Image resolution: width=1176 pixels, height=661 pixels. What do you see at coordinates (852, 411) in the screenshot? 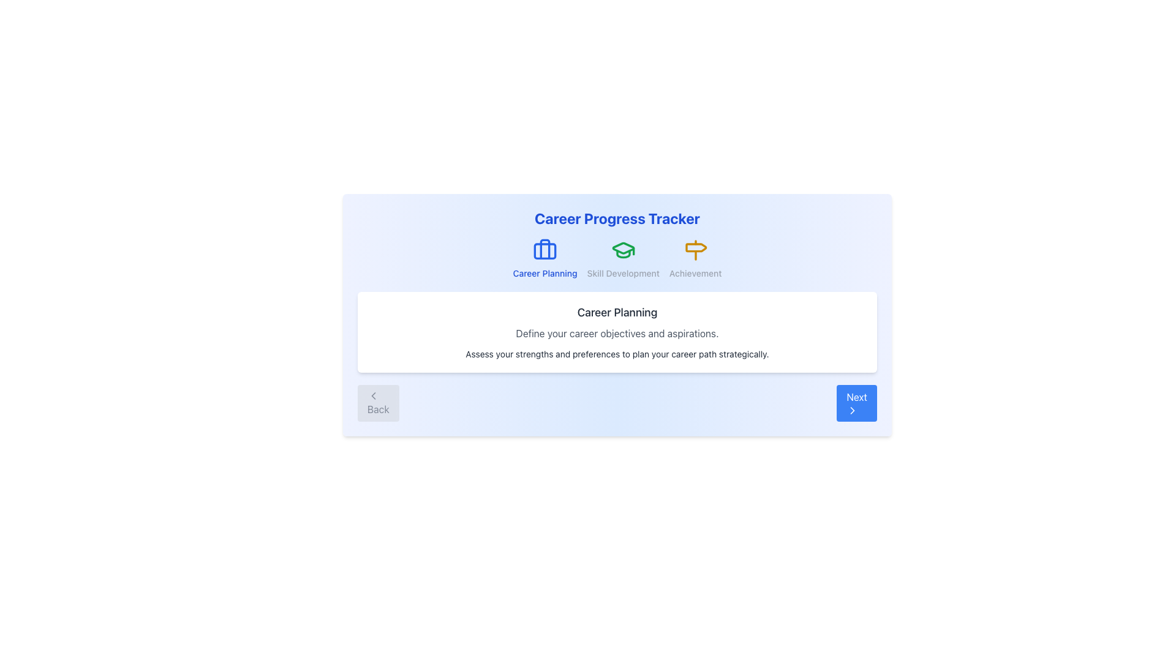
I see `the 'Next' button` at bounding box center [852, 411].